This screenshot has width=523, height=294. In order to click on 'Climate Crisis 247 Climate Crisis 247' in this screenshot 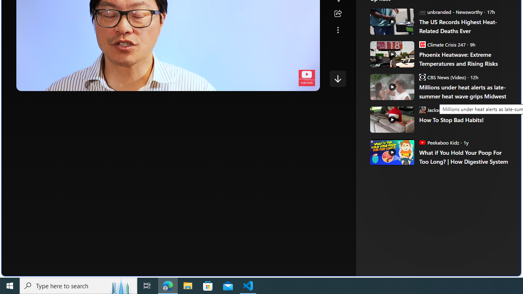, I will do `click(442, 44)`.